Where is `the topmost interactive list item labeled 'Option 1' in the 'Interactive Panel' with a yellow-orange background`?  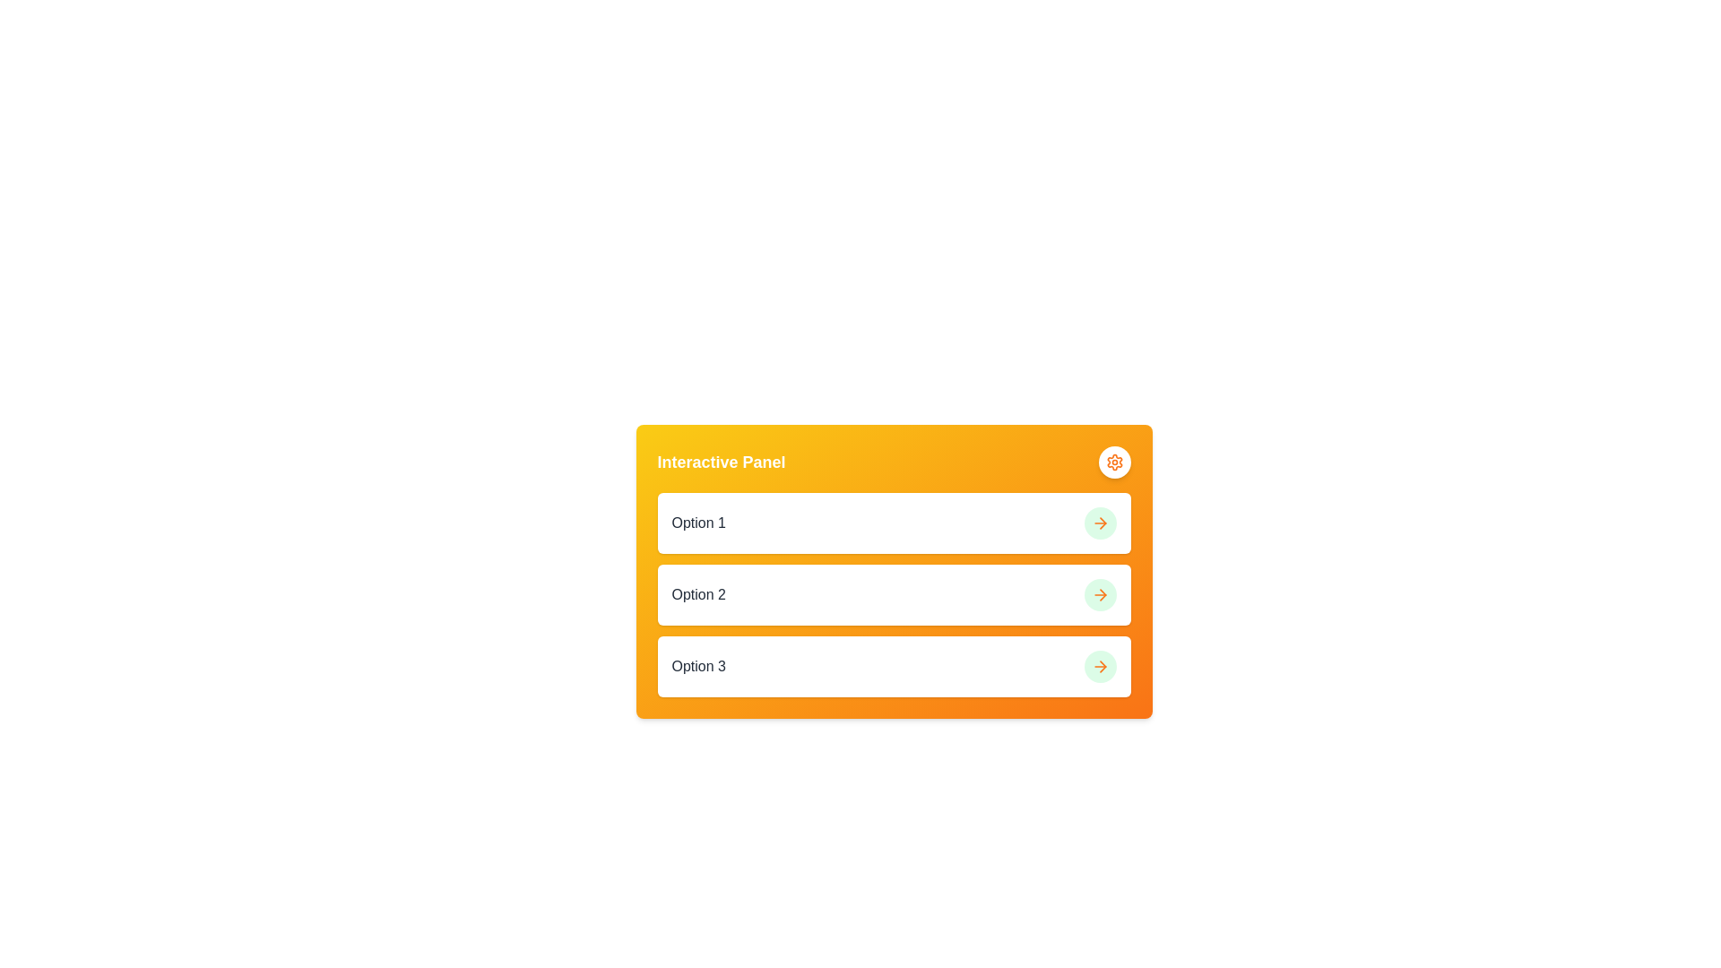 the topmost interactive list item labeled 'Option 1' in the 'Interactive Panel' with a yellow-orange background is located at coordinates (894, 523).